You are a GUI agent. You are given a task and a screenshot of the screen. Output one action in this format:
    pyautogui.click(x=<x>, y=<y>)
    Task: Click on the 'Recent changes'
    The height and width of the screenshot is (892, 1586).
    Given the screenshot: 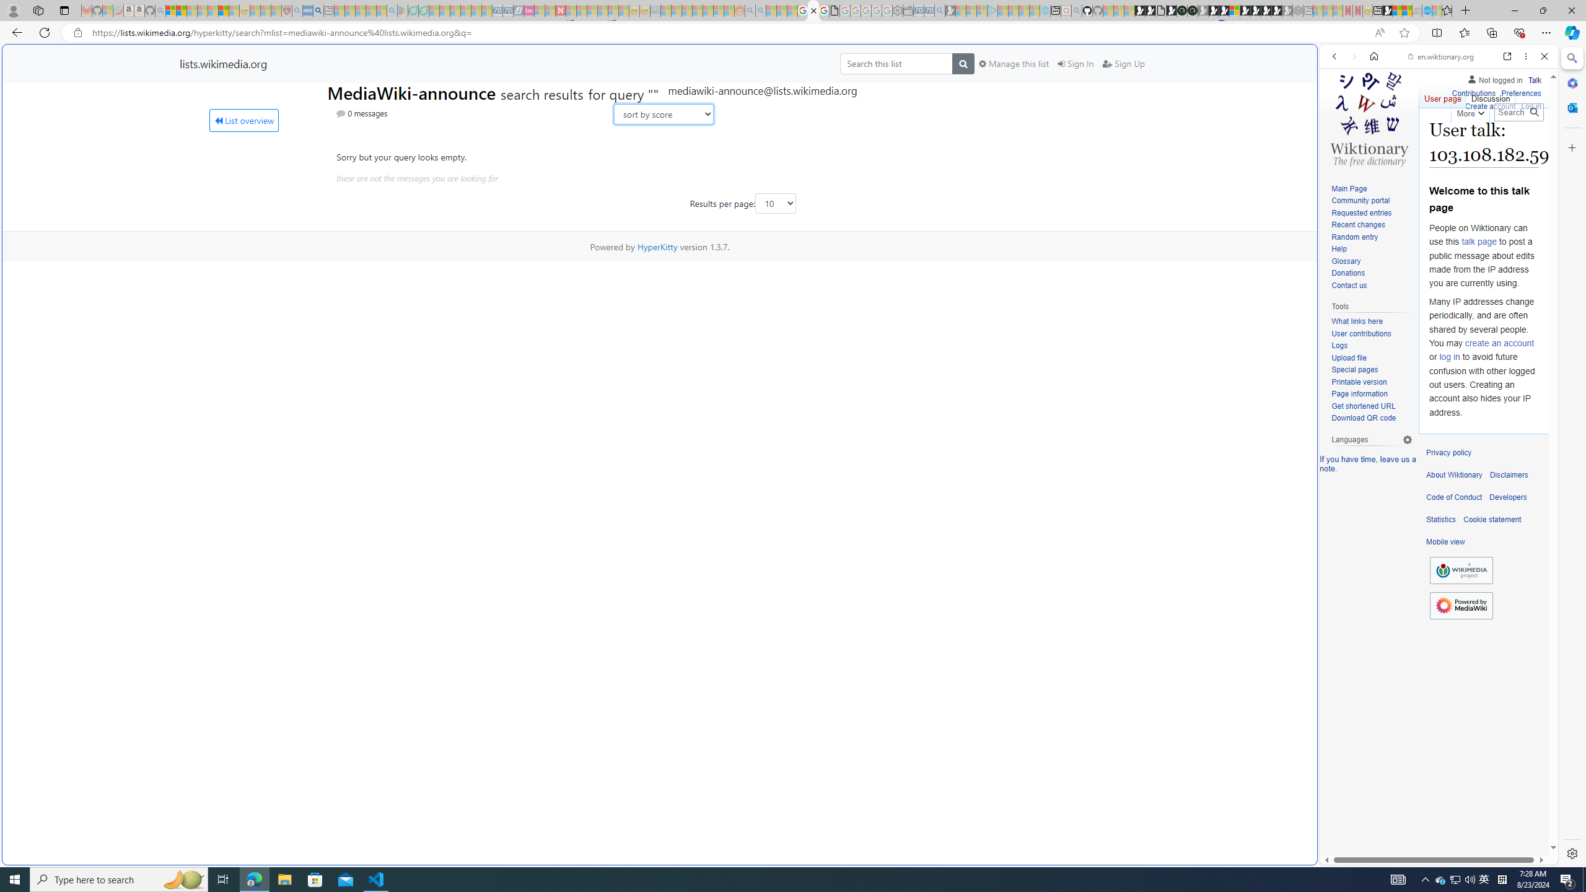 What is the action you would take?
    pyautogui.click(x=1357, y=225)
    